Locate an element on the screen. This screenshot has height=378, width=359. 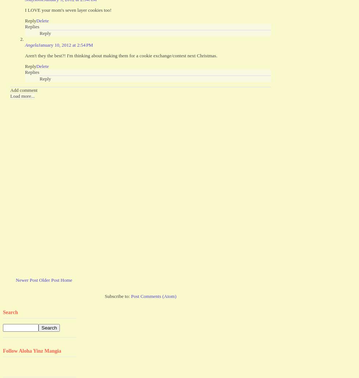
'Newer Post' is located at coordinates (16, 280).